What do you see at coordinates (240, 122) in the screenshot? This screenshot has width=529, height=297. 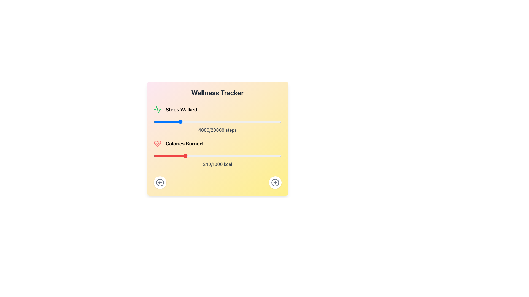 I see `the steps walked` at bounding box center [240, 122].